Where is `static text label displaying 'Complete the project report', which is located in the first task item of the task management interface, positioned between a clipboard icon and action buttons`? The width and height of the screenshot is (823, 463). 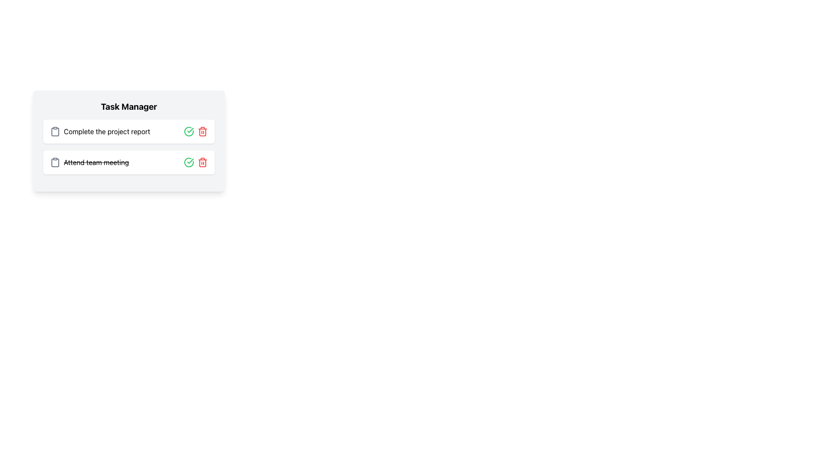 static text label displaying 'Complete the project report', which is located in the first task item of the task management interface, positioned between a clipboard icon and action buttons is located at coordinates (106, 132).